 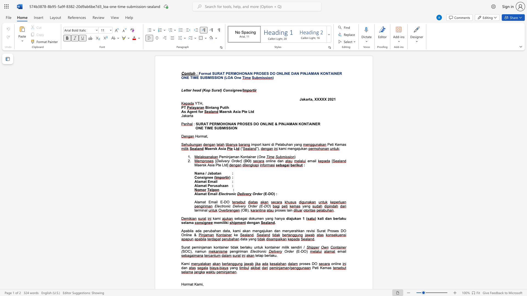 What do you see at coordinates (250, 157) in the screenshot?
I see `the subset text "iner" within the text "Peminjaman Kontainer"` at bounding box center [250, 157].